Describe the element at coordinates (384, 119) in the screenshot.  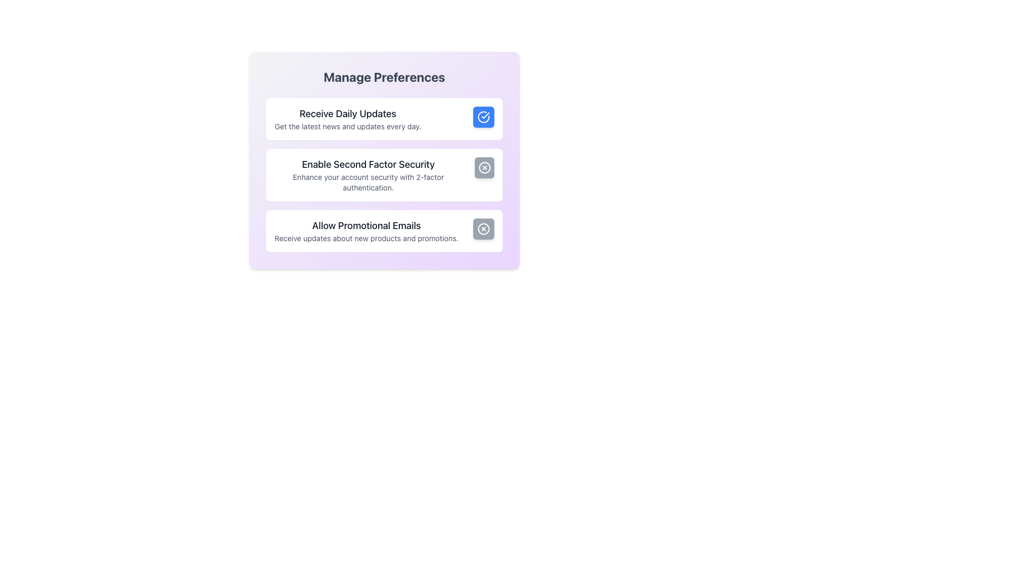
I see `text information on the first interactive card in the 'Manage Preferences' section, which allows toggling daily updates for notifications` at that location.